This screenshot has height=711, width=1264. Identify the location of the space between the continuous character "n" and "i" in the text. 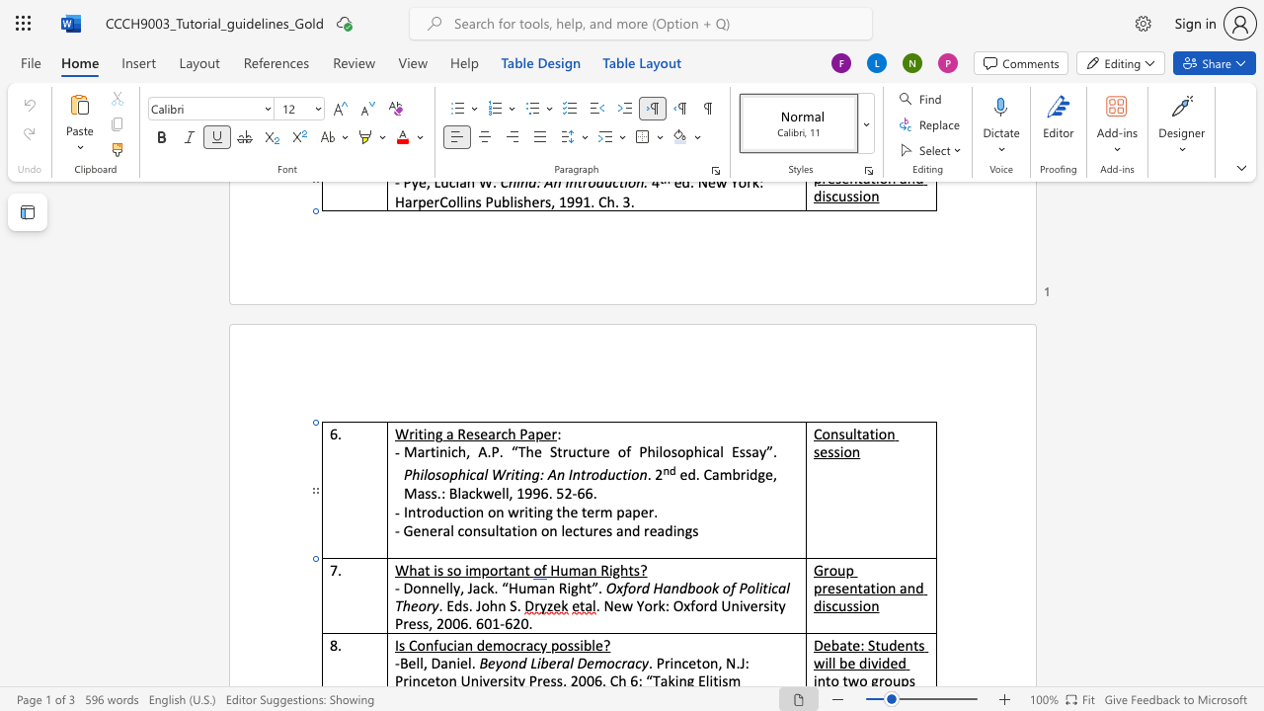
(445, 451).